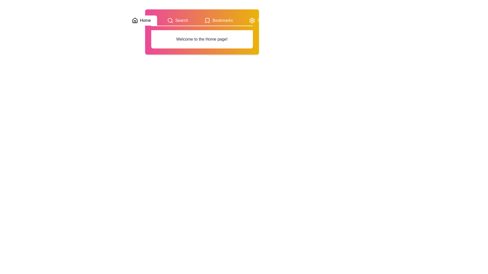 This screenshot has width=488, height=274. I want to click on the Home tab to switch views, so click(141, 20).